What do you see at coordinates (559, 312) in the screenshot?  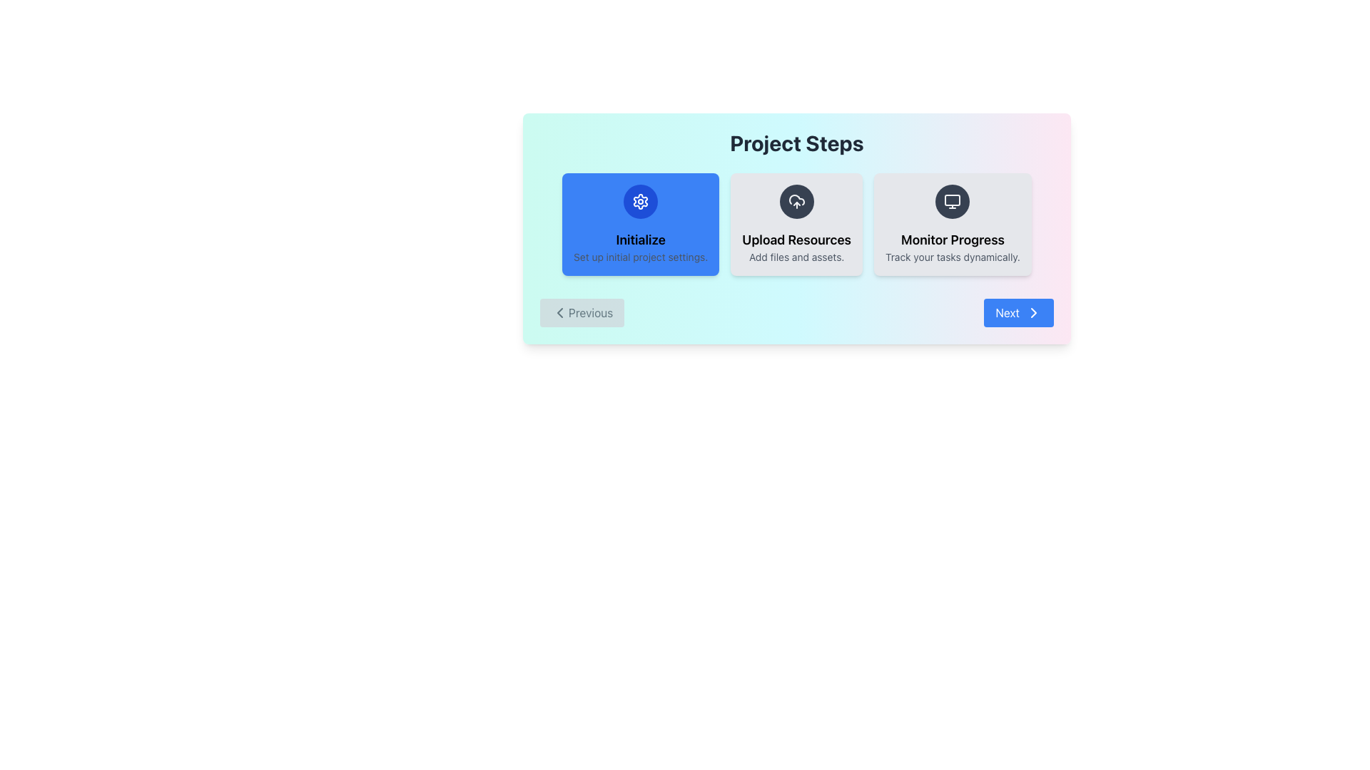 I see `the left-pointing chevron icon` at bounding box center [559, 312].